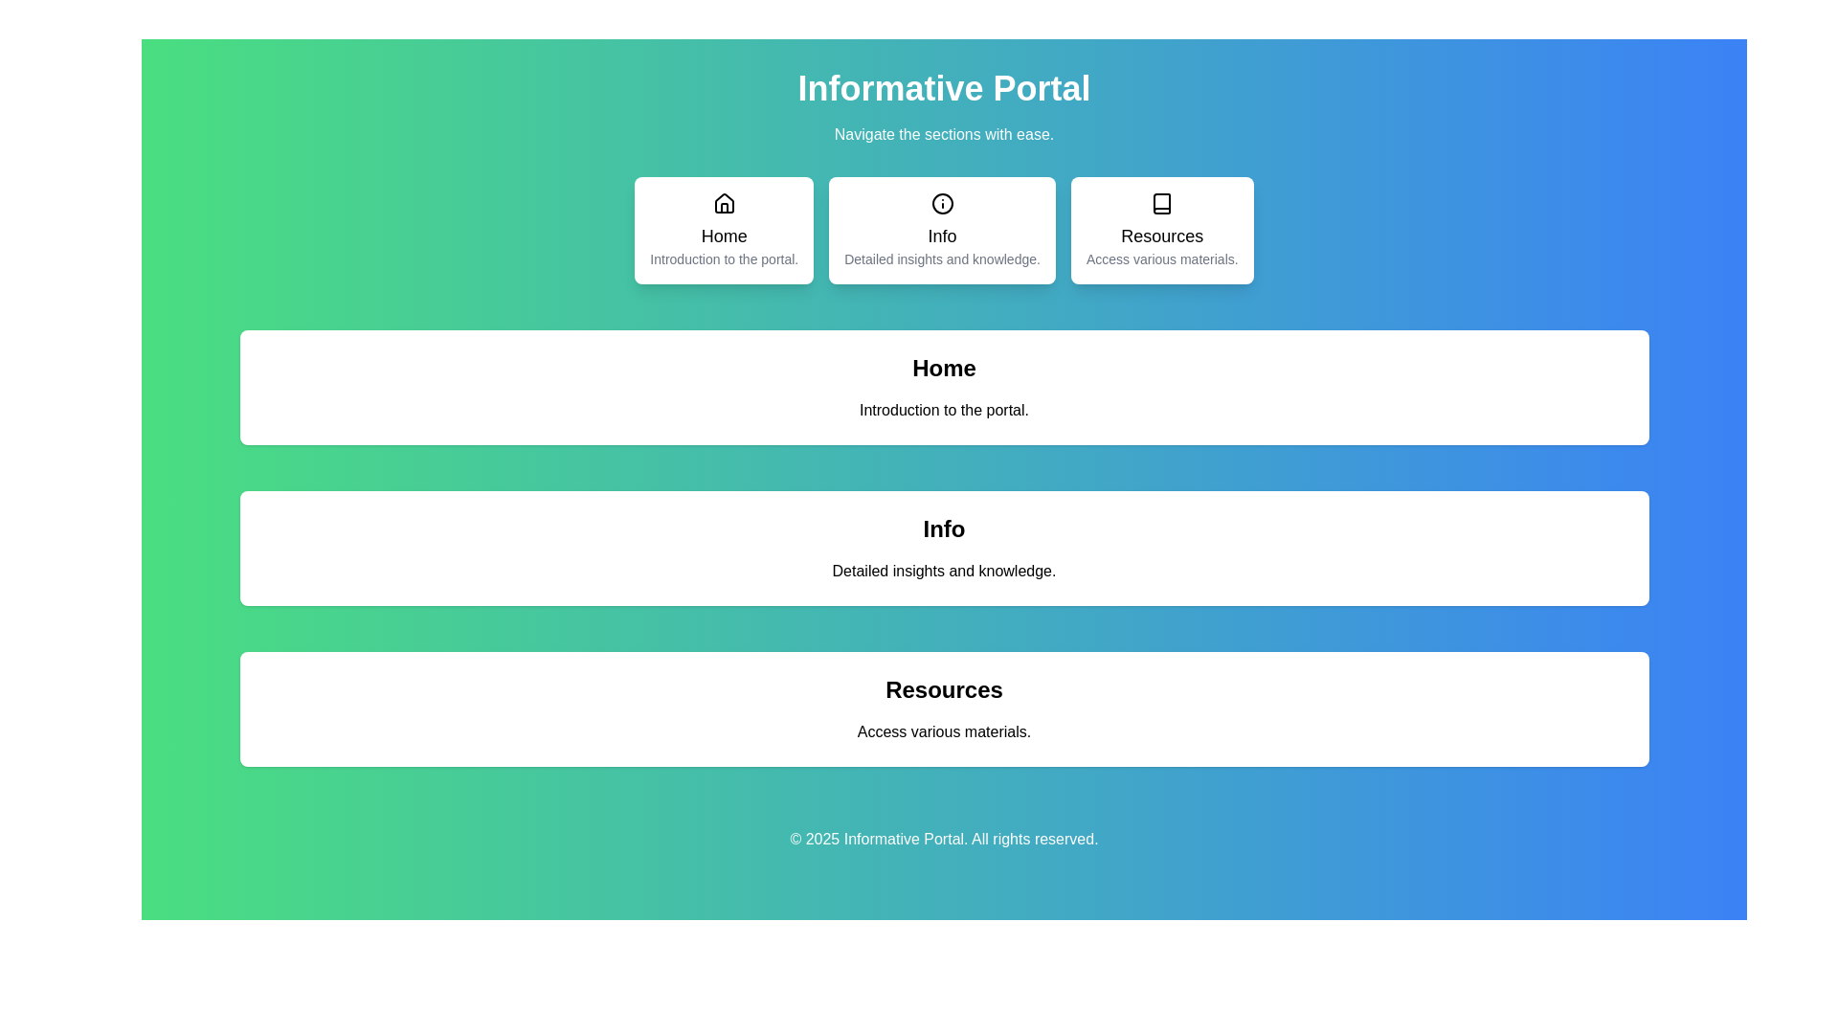 Image resolution: width=1838 pixels, height=1034 pixels. Describe the element at coordinates (942, 258) in the screenshot. I see `the static text content that serves as a descriptive subtitle for the 'Info' card, located centrally in the second column of a three-column layout` at that location.